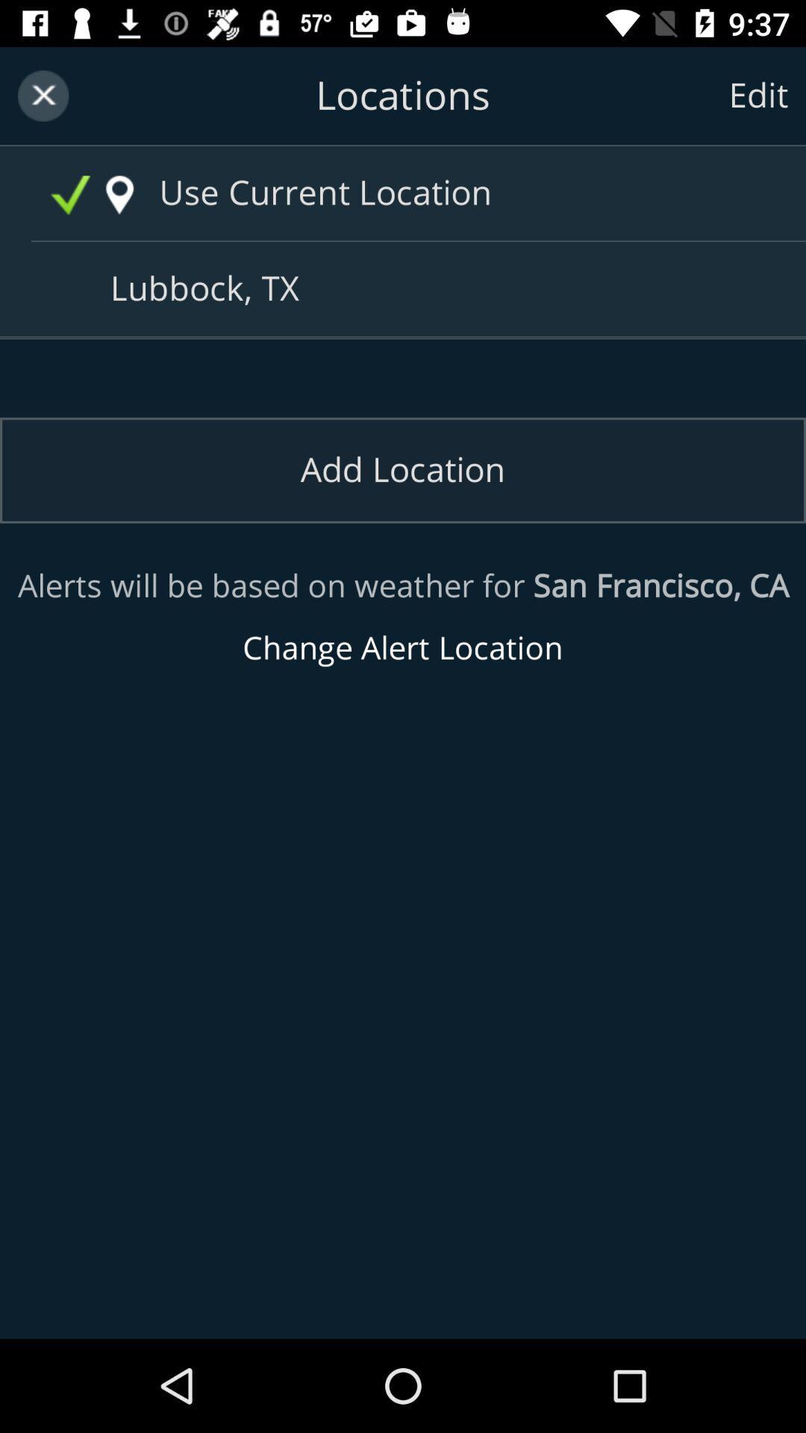 The image size is (806, 1433). Describe the element at coordinates (70, 195) in the screenshot. I see `the green tick just left to the location icon` at that location.